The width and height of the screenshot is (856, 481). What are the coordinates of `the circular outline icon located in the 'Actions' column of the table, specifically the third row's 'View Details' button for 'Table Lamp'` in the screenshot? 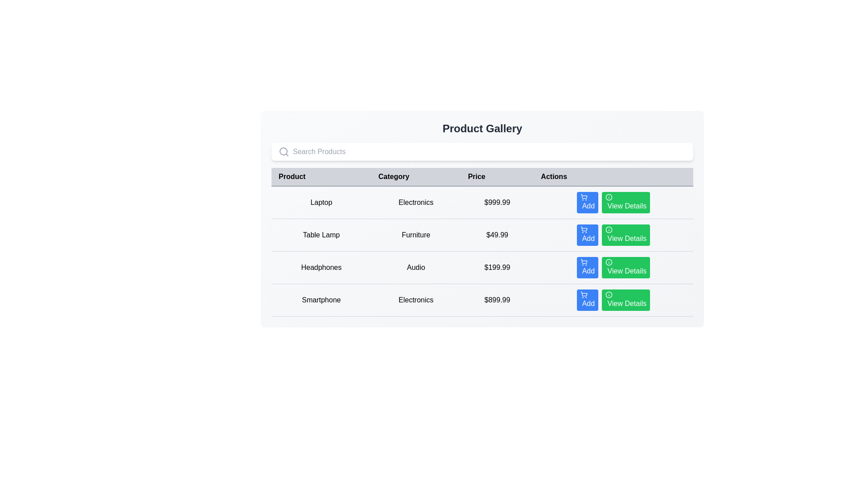 It's located at (609, 229).